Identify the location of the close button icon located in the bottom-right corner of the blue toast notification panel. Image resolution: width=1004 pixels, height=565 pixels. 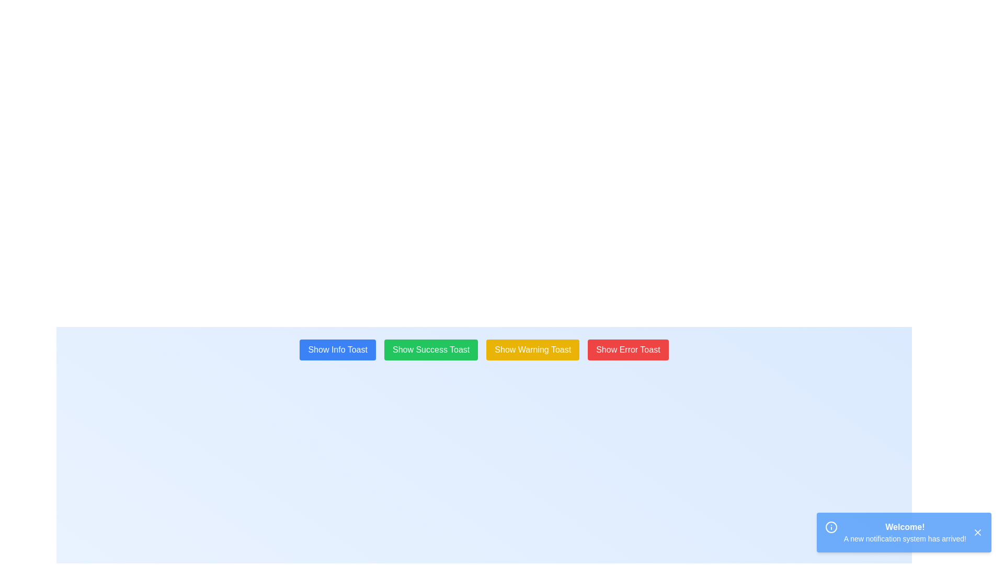
(977, 533).